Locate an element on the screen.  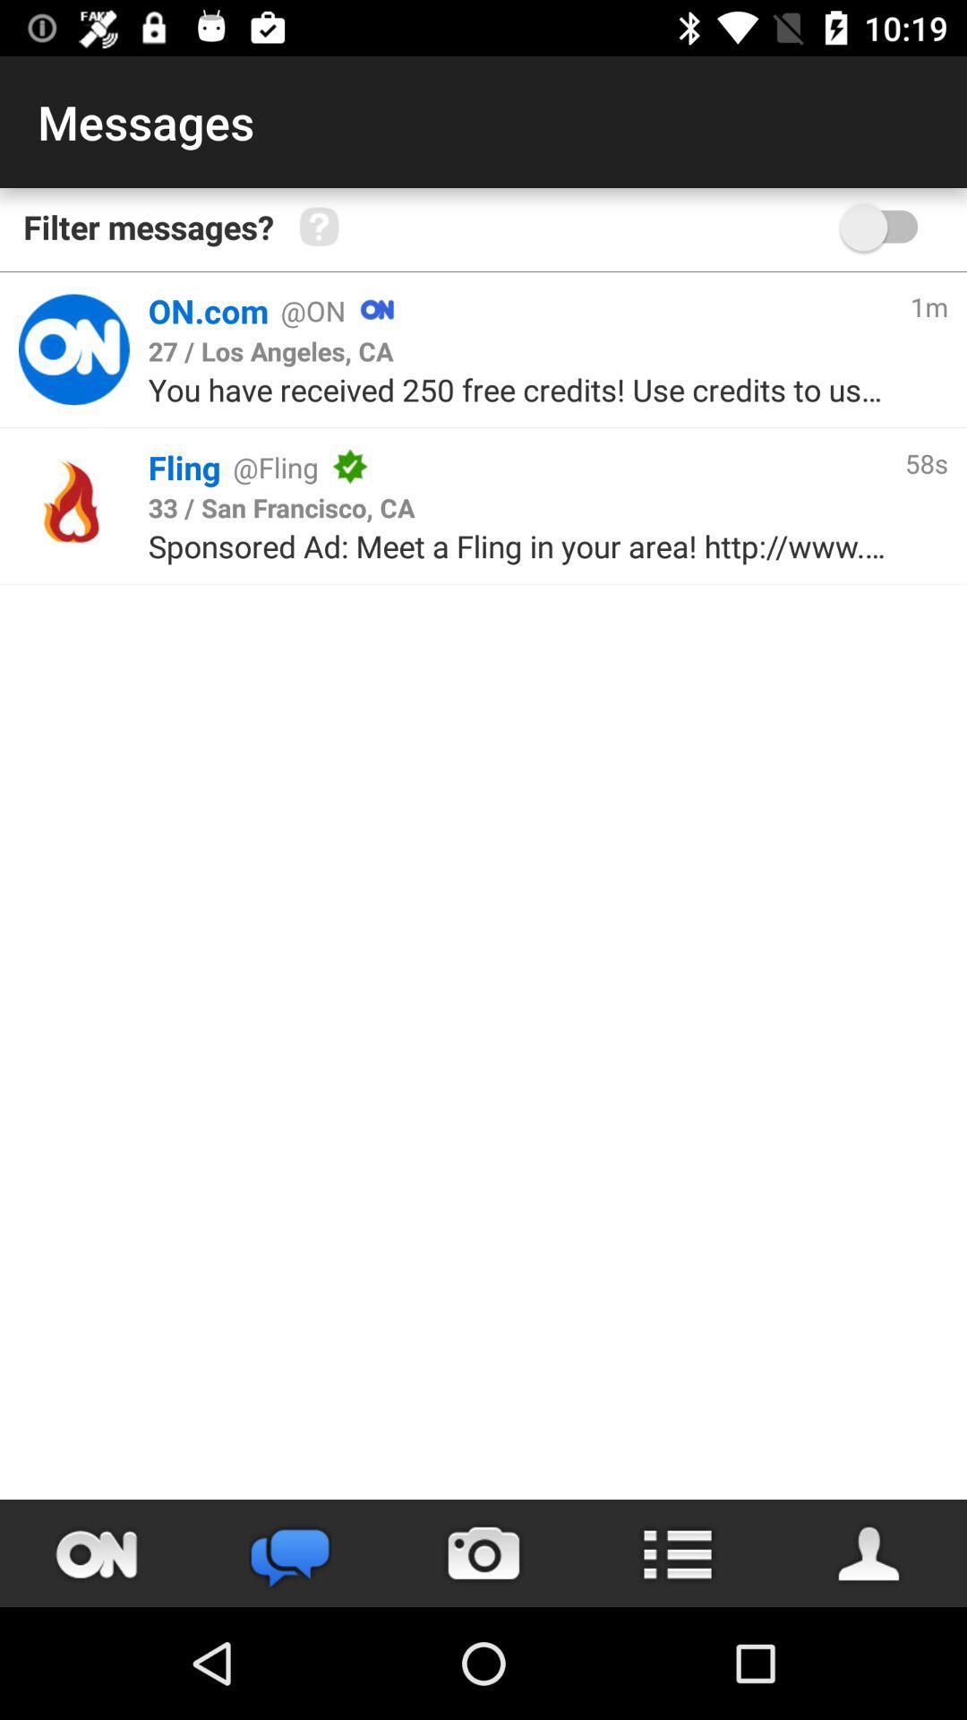
open photo is located at coordinates (483, 1552).